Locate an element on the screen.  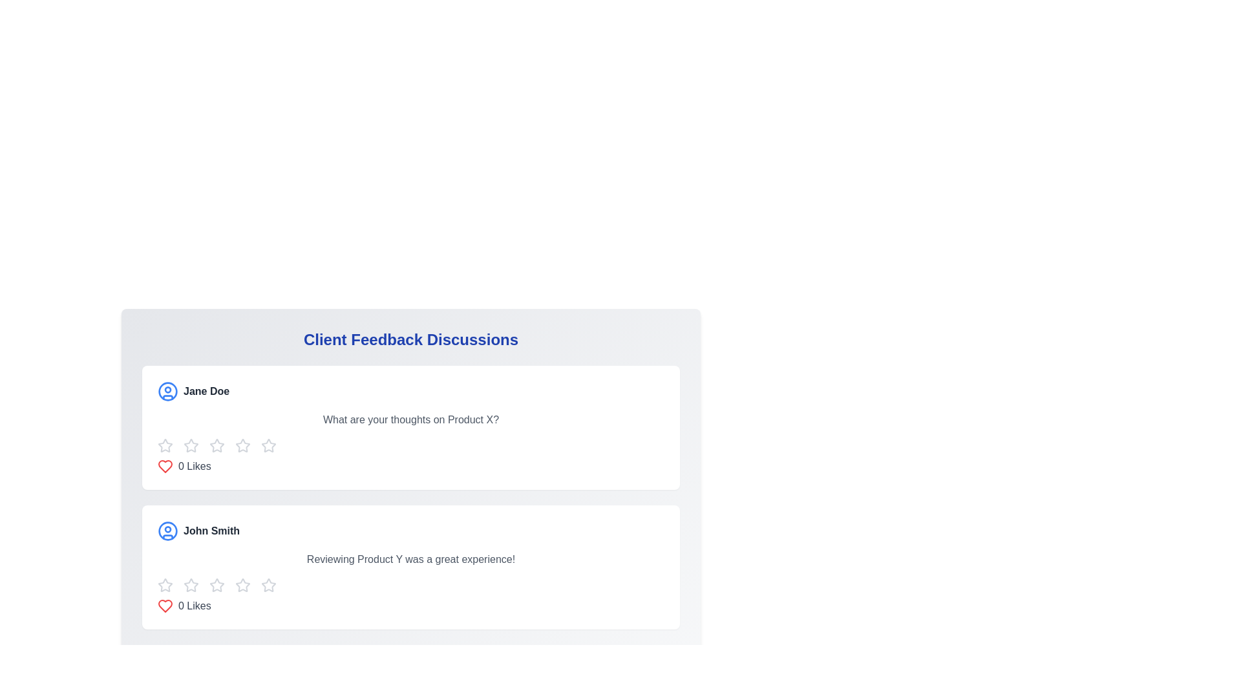
the second star in the 5-star rating system within the comment section titled 'Jane Doe' is located at coordinates (191, 445).